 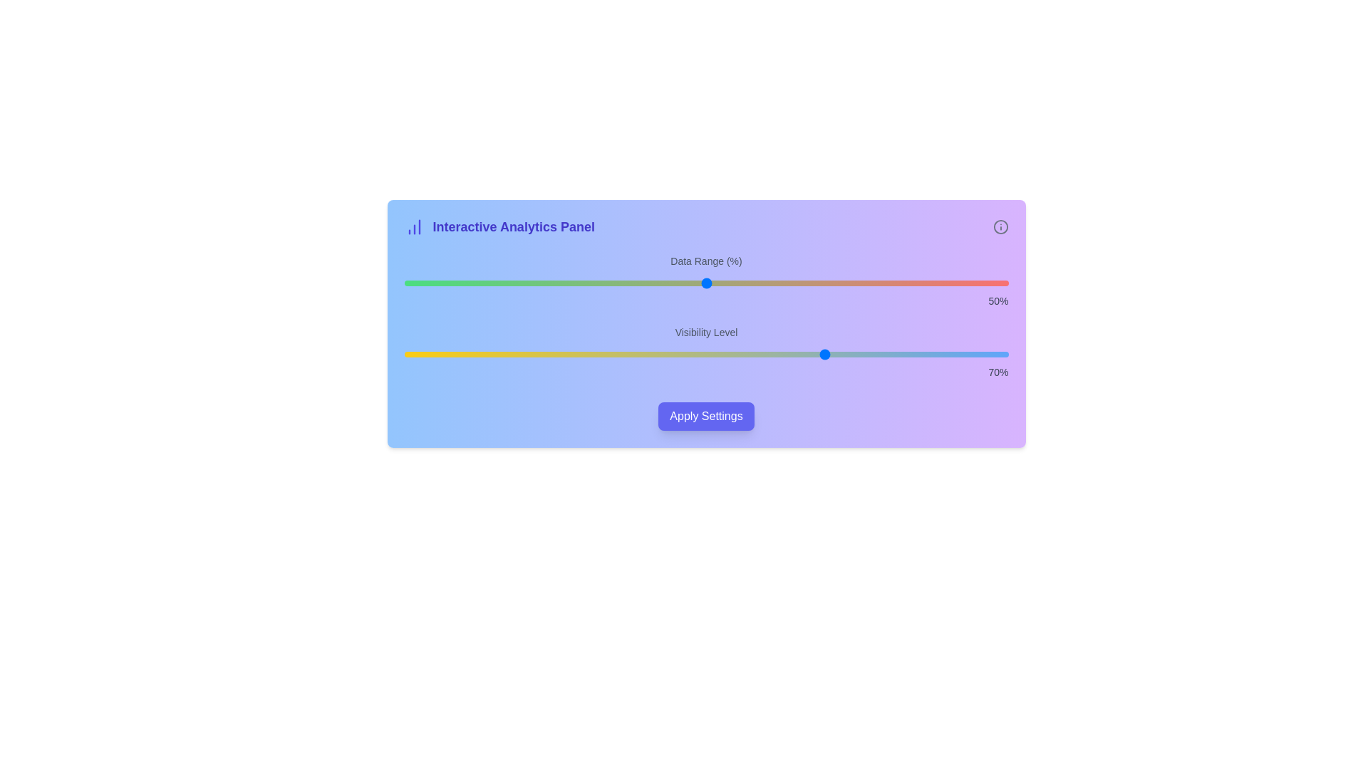 I want to click on the Data Range slider to 39%, so click(x=639, y=283).